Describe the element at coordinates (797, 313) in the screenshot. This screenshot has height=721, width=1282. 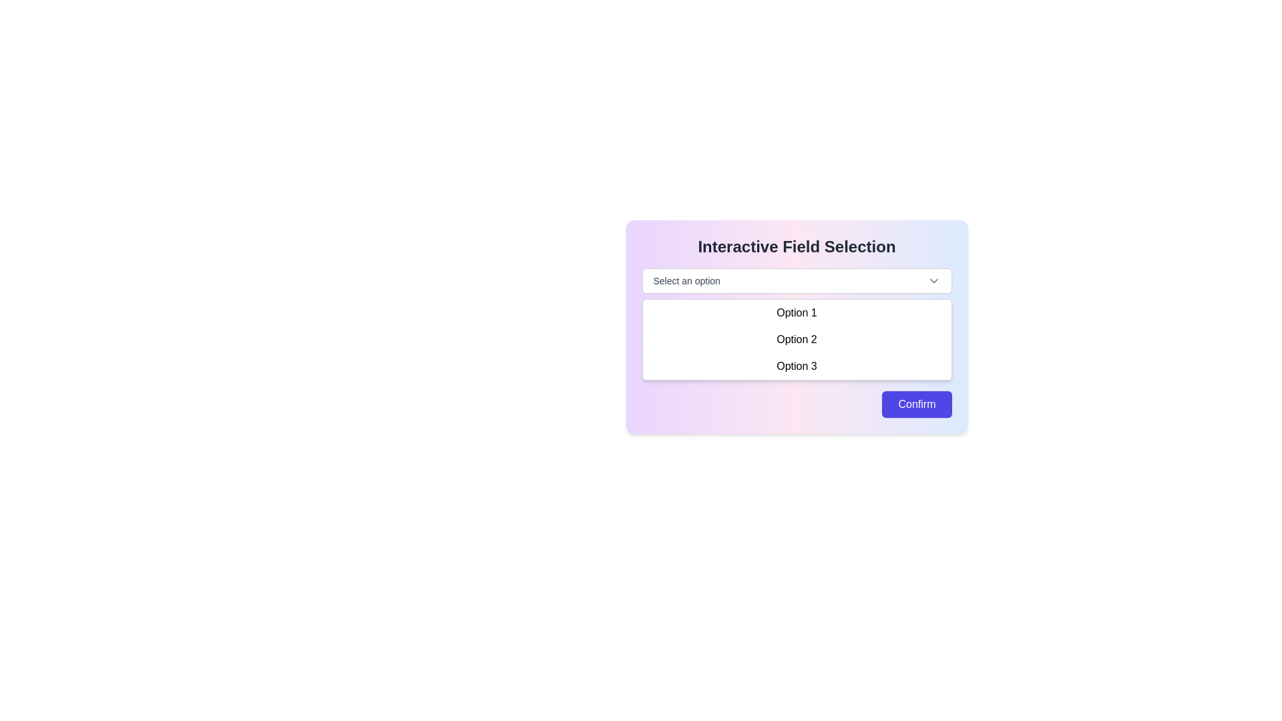
I see `the dropdown option labeled 'Option 1'` at that location.